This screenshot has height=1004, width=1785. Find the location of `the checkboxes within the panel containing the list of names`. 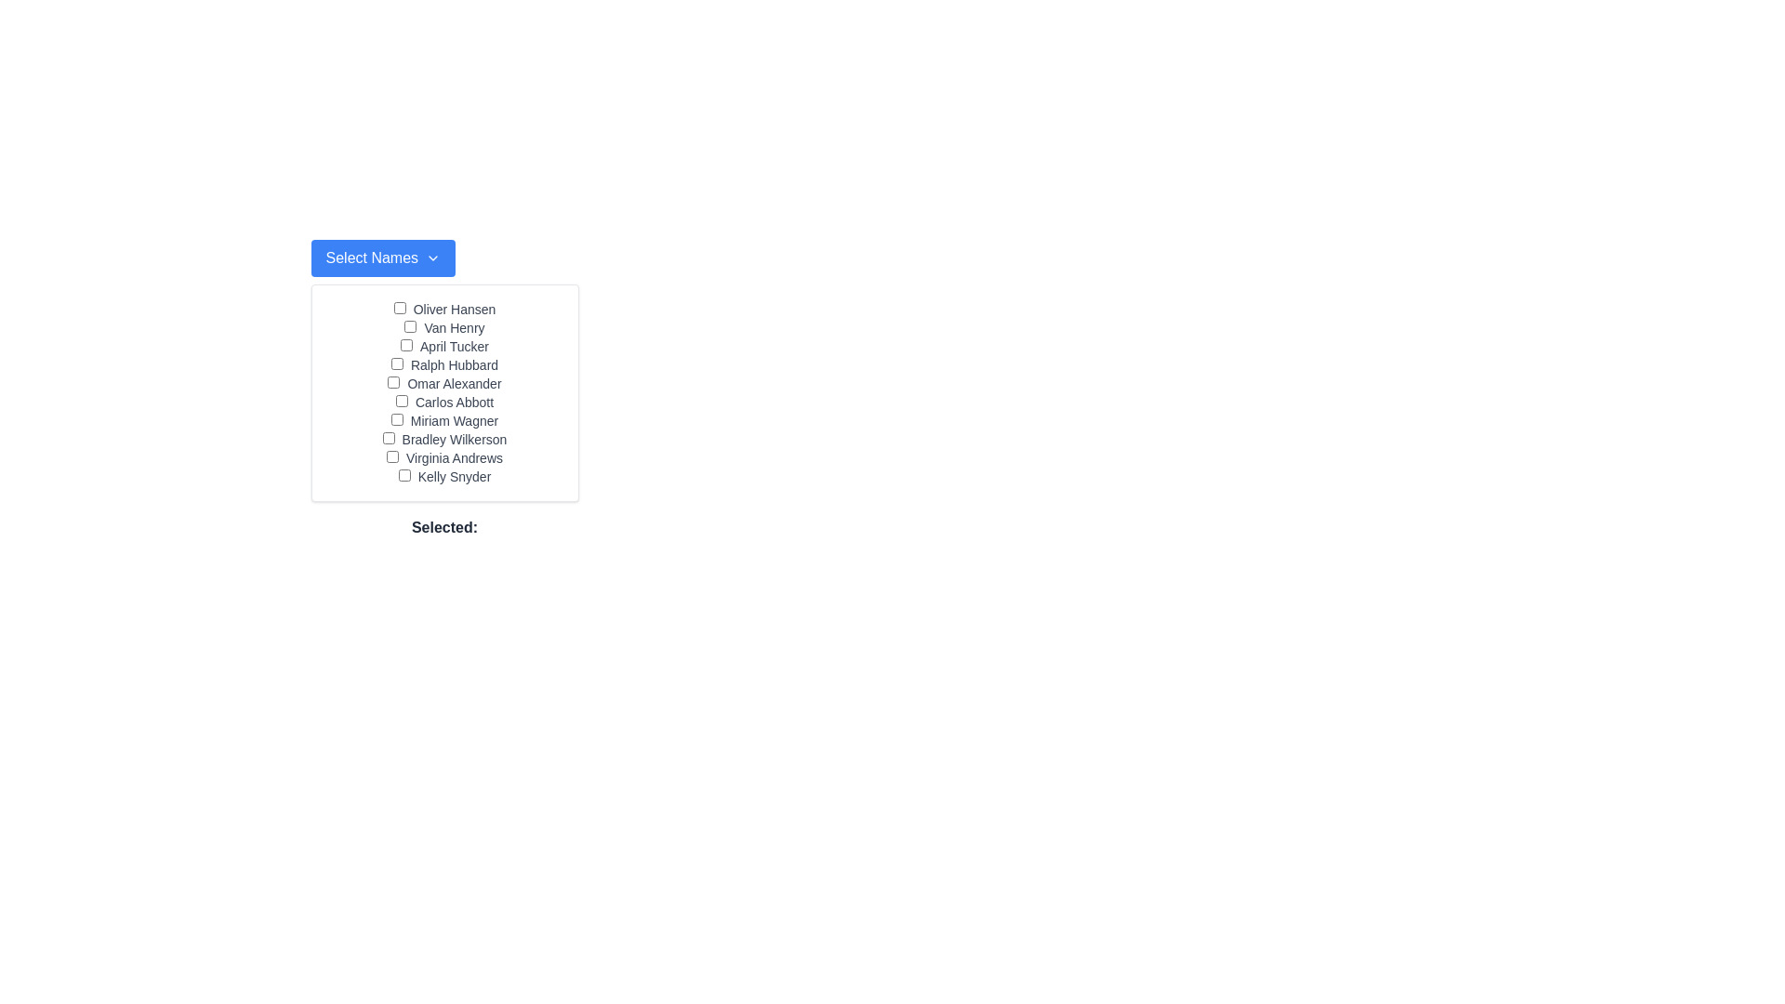

the checkboxes within the panel containing the list of names is located at coordinates (443, 392).